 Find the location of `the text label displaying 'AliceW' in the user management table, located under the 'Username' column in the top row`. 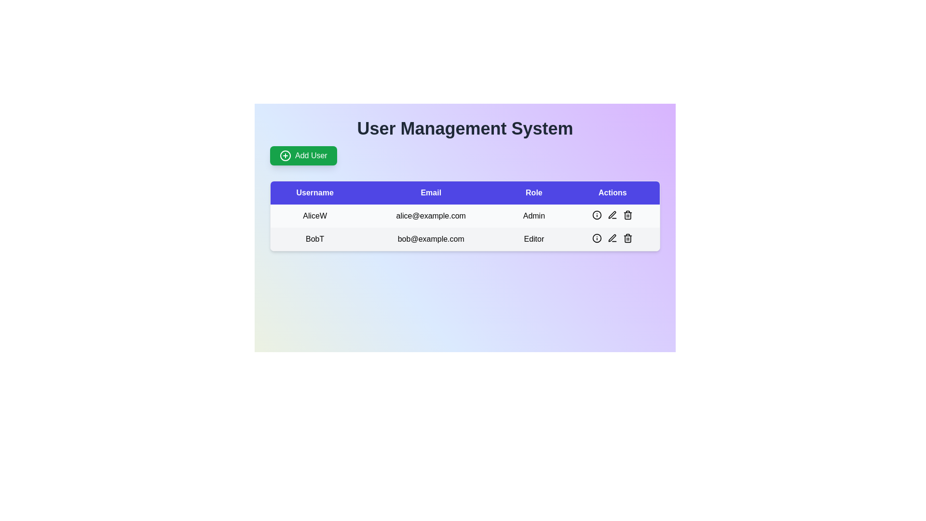

the text label displaying 'AliceW' in the user management table, located under the 'Username' column in the top row is located at coordinates (315, 215).